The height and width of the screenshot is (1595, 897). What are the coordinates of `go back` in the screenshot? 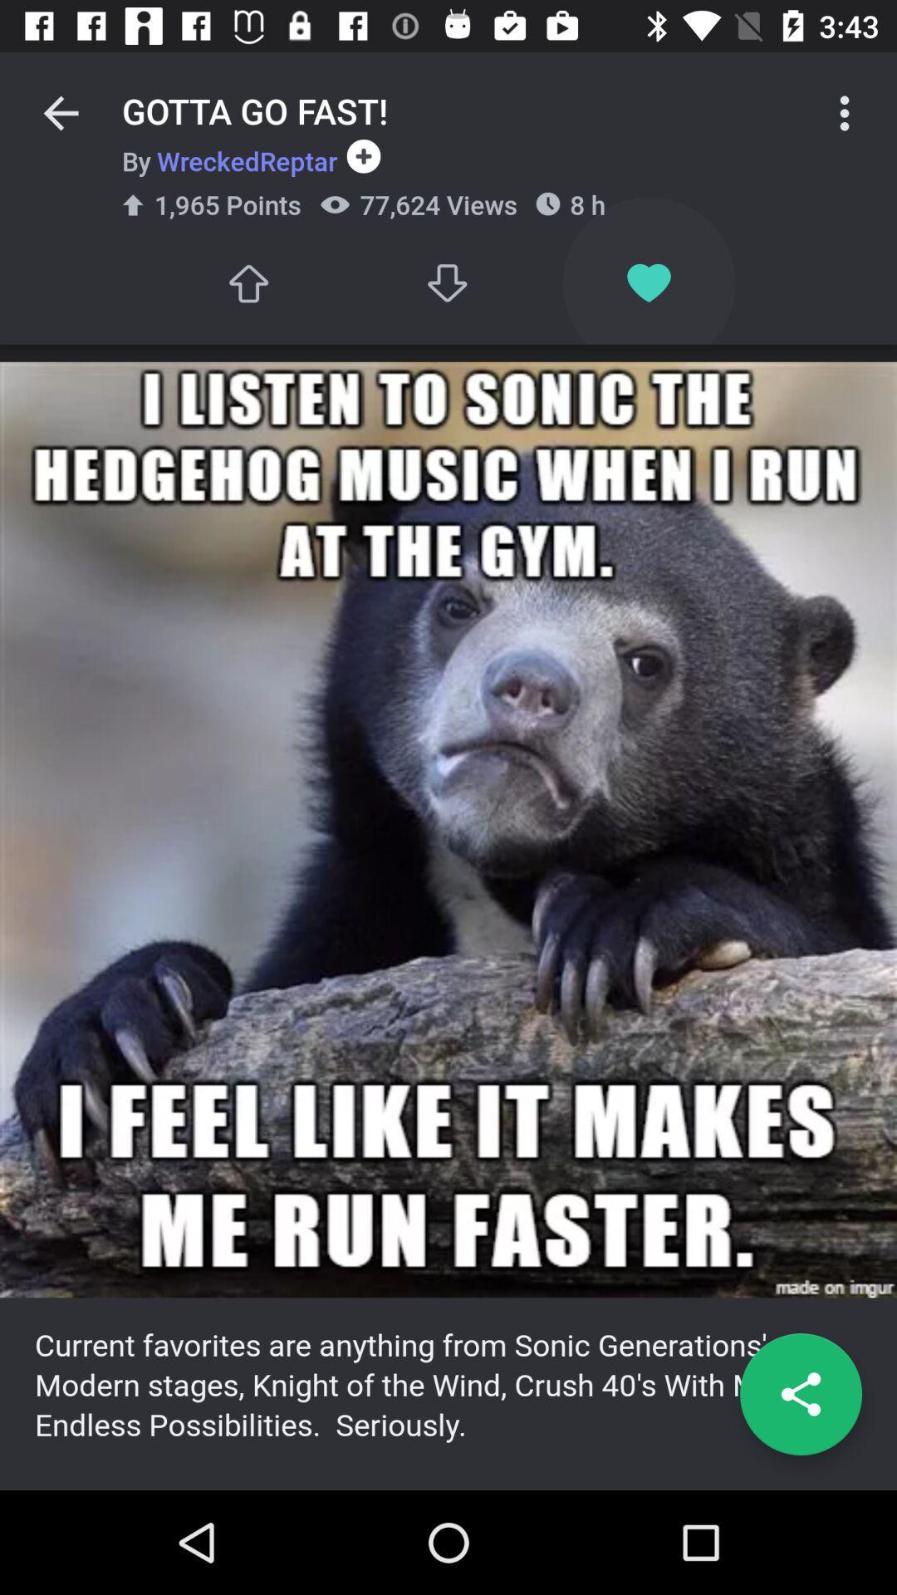 It's located at (60, 112).